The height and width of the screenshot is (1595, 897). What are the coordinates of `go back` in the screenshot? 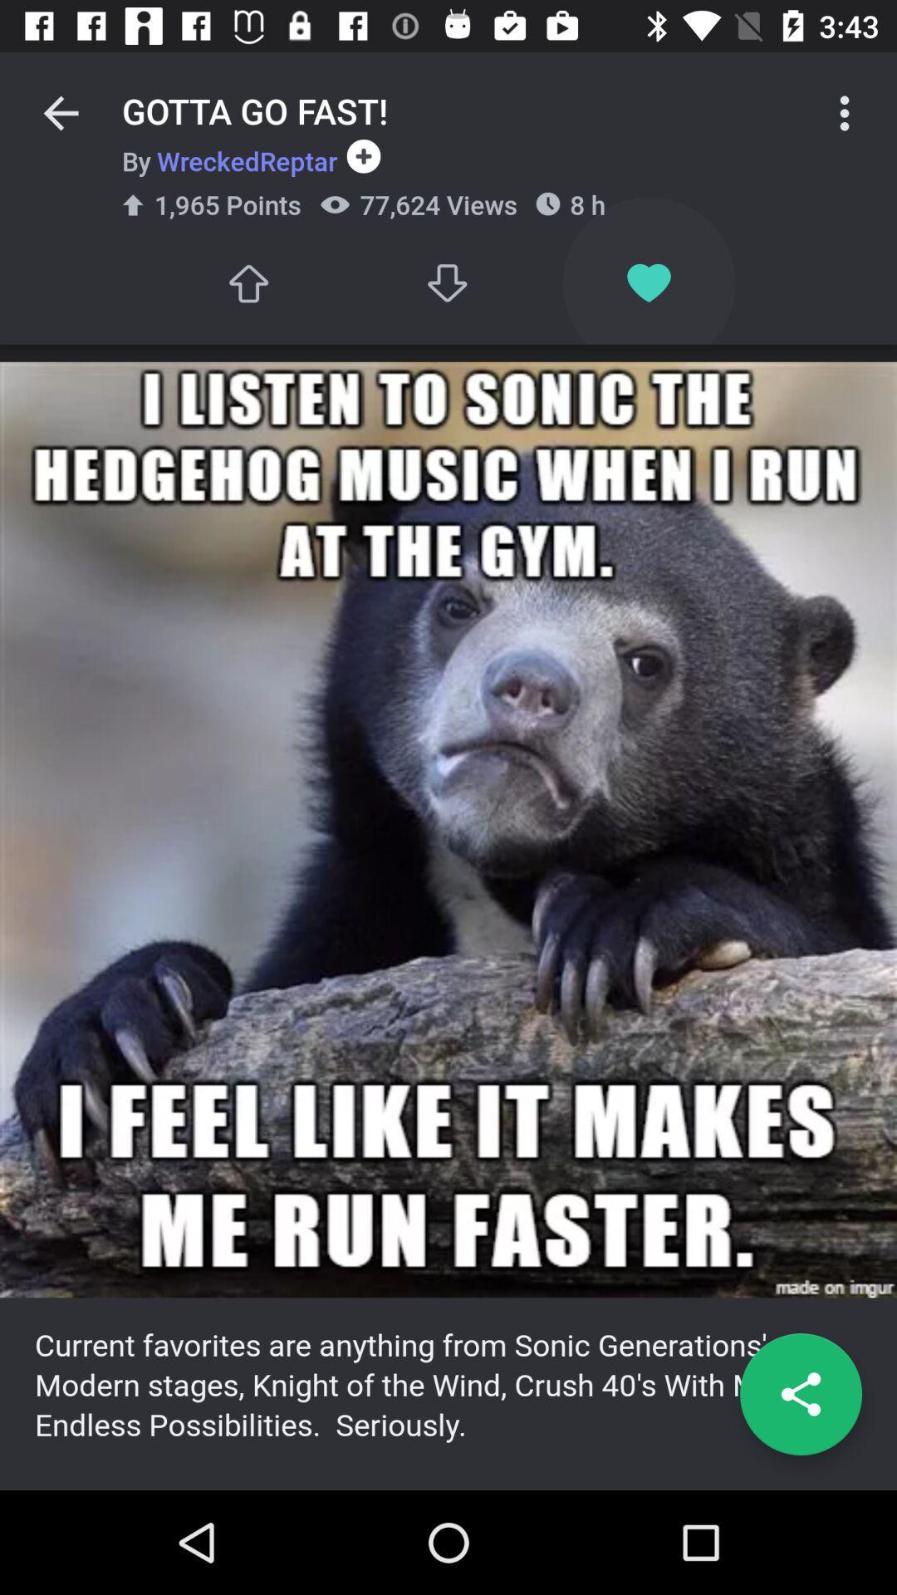 It's located at (60, 112).